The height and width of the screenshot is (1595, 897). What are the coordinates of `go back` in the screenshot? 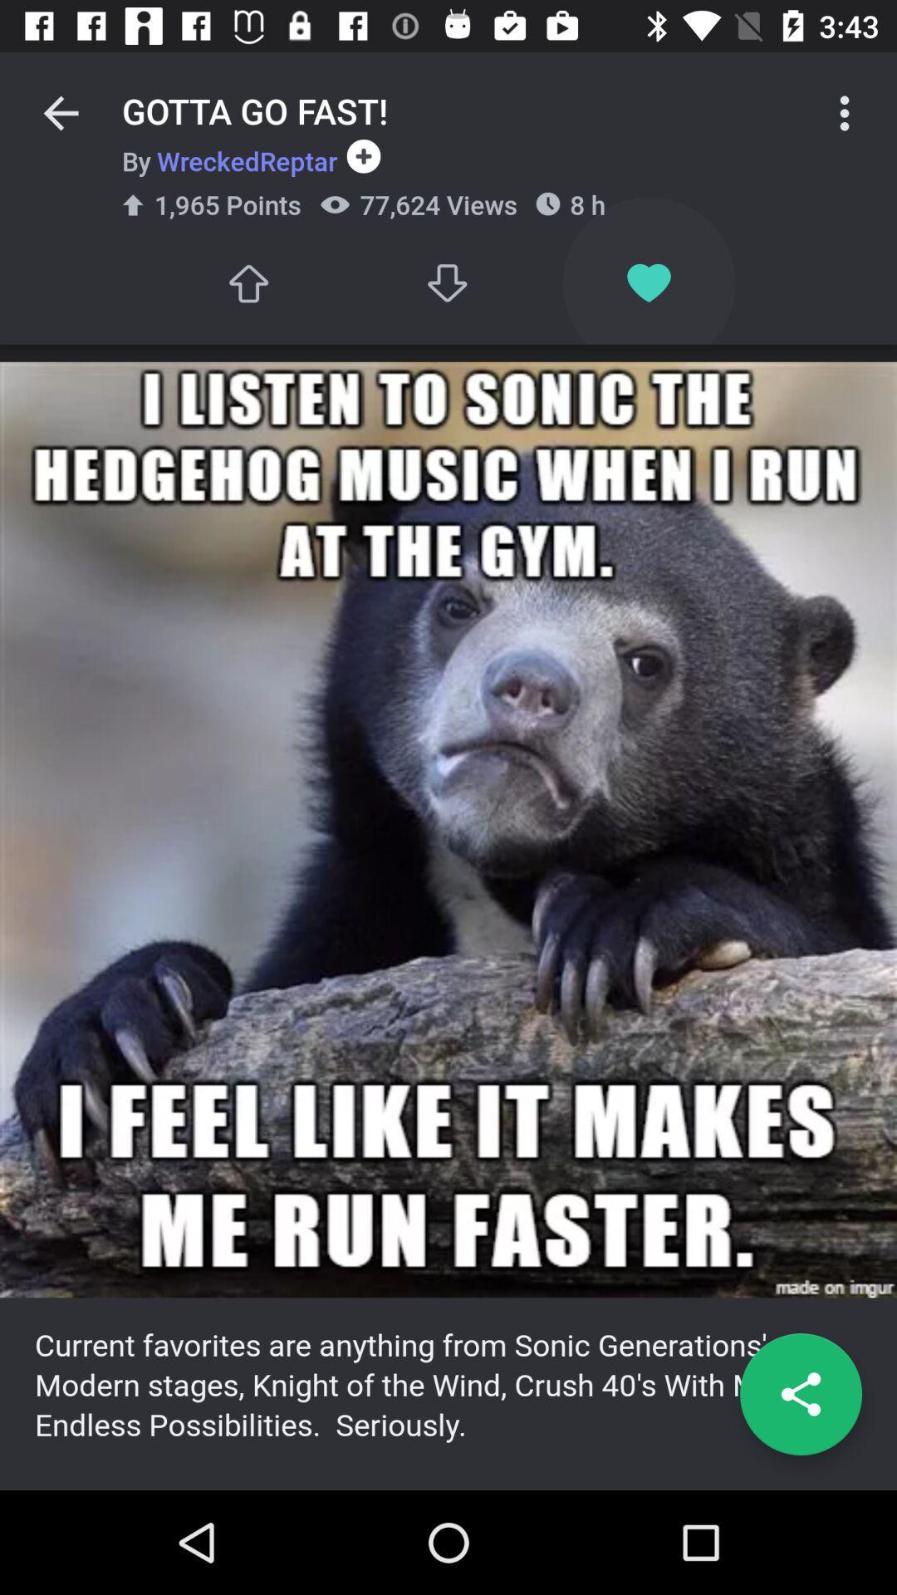 It's located at (60, 112).